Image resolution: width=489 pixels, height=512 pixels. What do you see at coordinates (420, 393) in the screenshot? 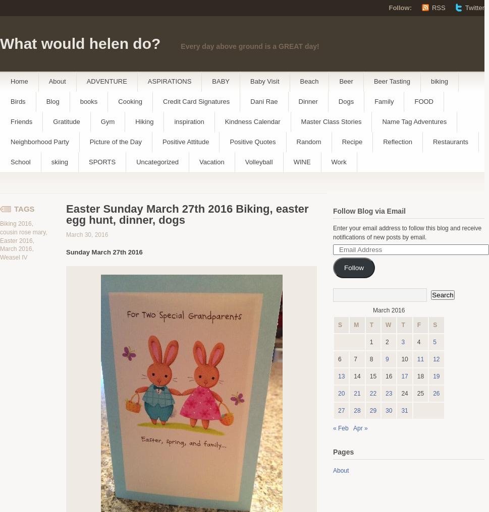
I see `'25'` at bounding box center [420, 393].